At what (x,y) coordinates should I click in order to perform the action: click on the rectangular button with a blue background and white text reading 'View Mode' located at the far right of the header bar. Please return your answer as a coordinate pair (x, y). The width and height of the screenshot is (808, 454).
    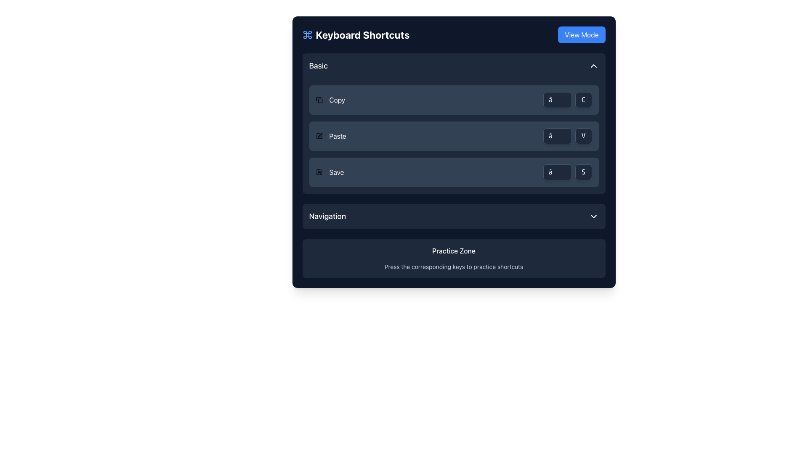
    Looking at the image, I should click on (581, 34).